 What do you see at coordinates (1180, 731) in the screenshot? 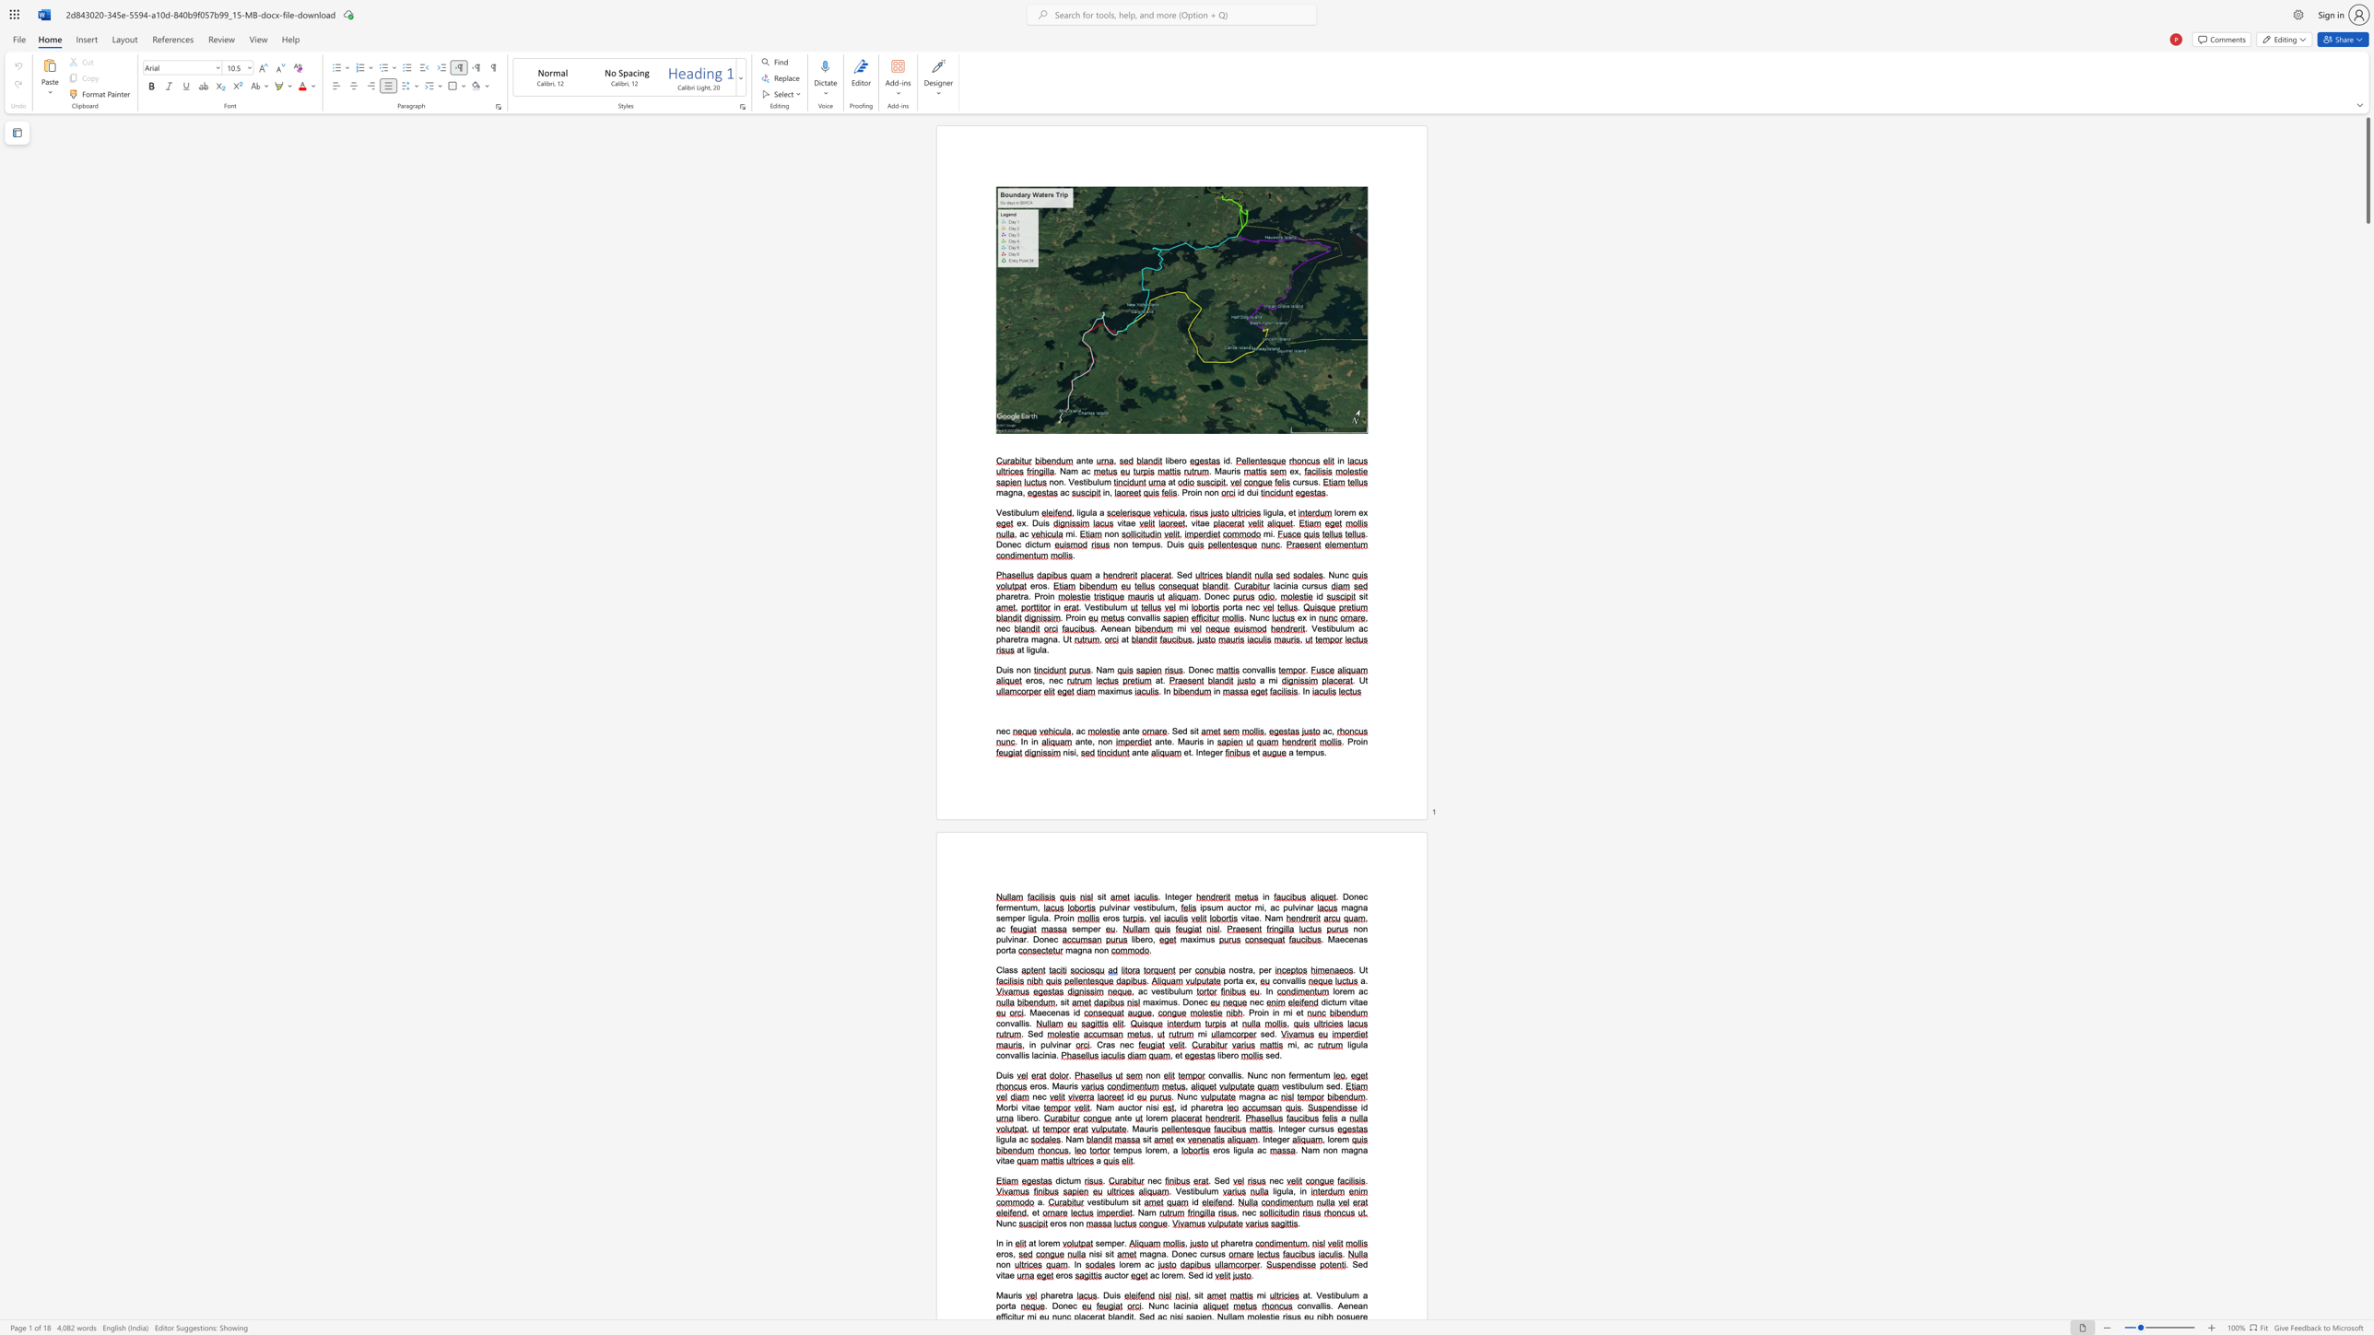
I see `the 1th character "e" in the text` at bounding box center [1180, 731].